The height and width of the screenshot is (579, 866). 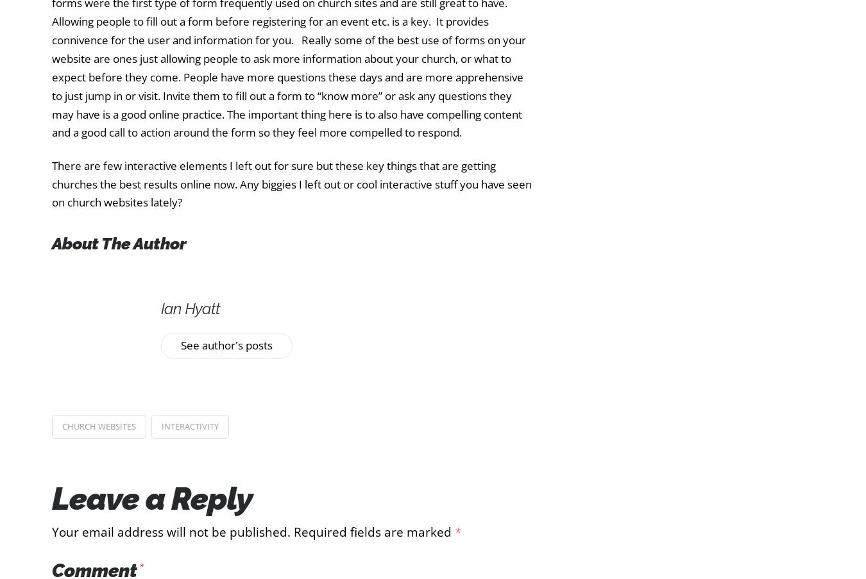 What do you see at coordinates (226, 344) in the screenshot?
I see `'See author's posts'` at bounding box center [226, 344].